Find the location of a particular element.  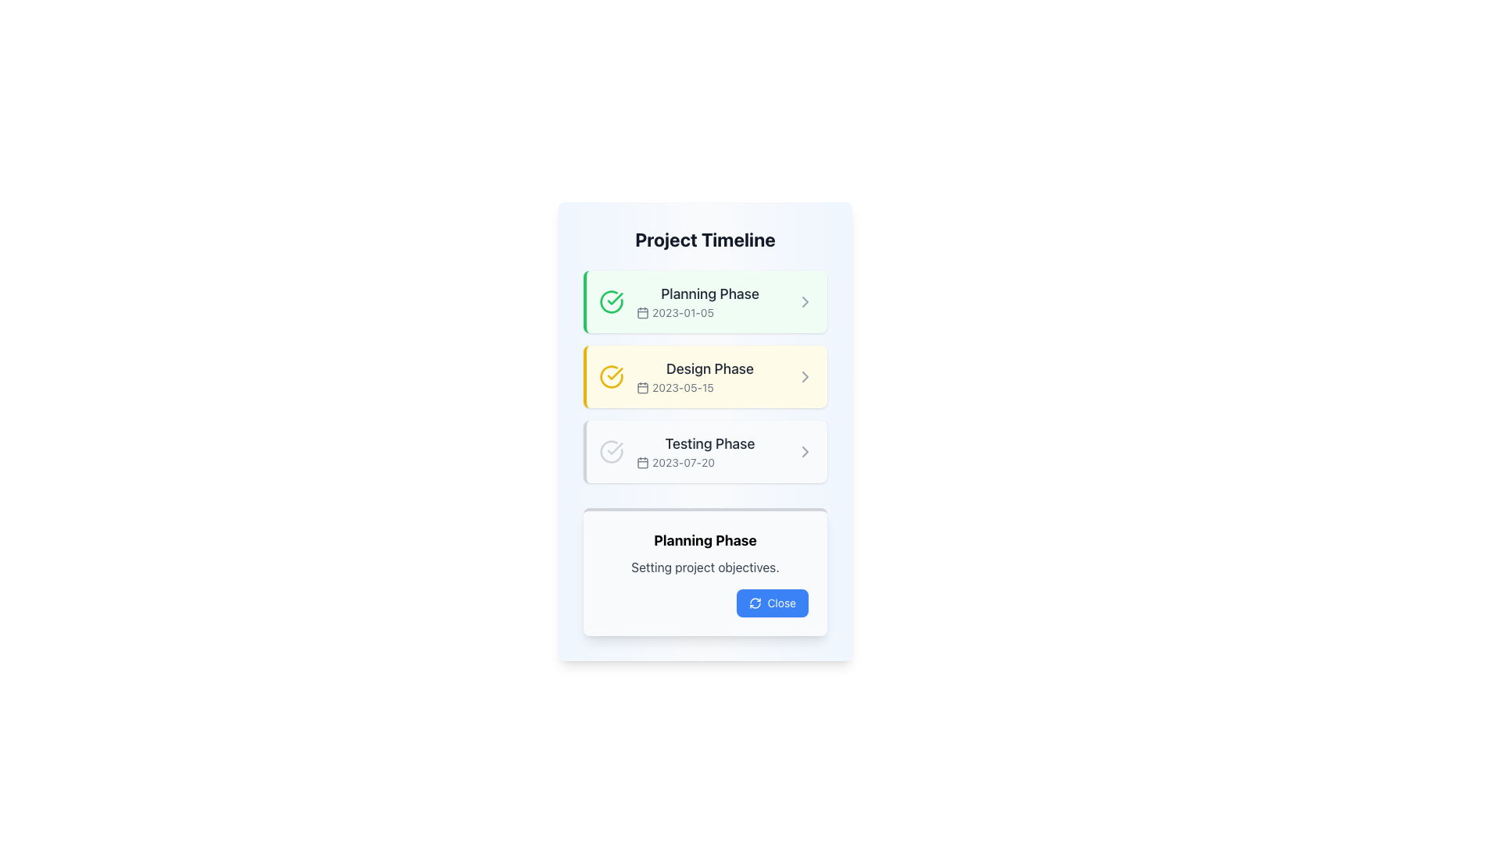

the SVG icon of a green check mark located in the 'Planning Phase' section of the project timeline is located at coordinates (614, 448).